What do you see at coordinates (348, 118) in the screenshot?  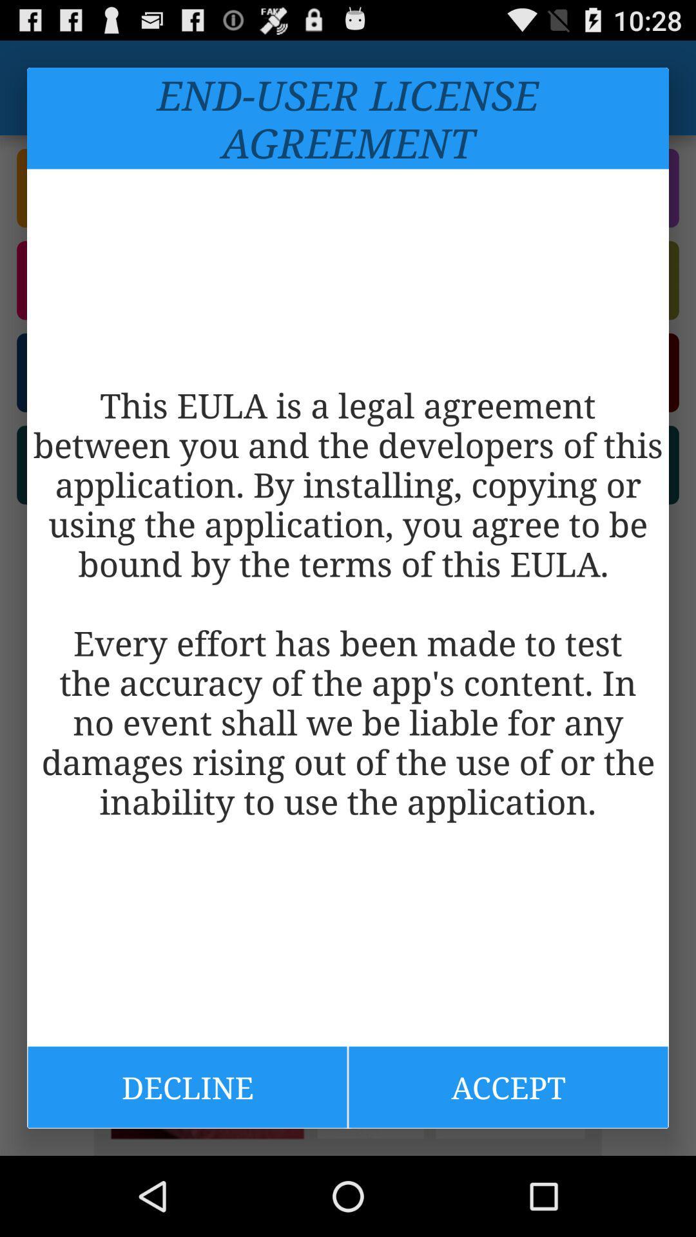 I see `the item above this eula is item` at bounding box center [348, 118].